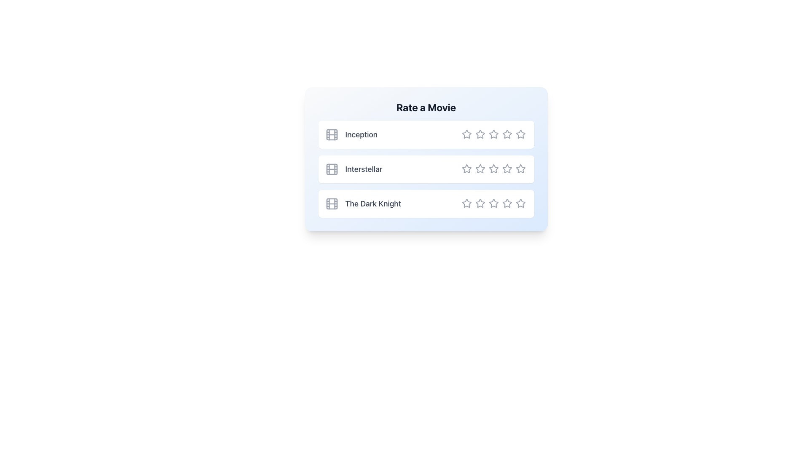 The width and height of the screenshot is (809, 455). Describe the element at coordinates (363, 203) in the screenshot. I see `displayed text 'The Dark Knight' from the Text Label with Icon that is part of a vertical list of movie titles` at that location.